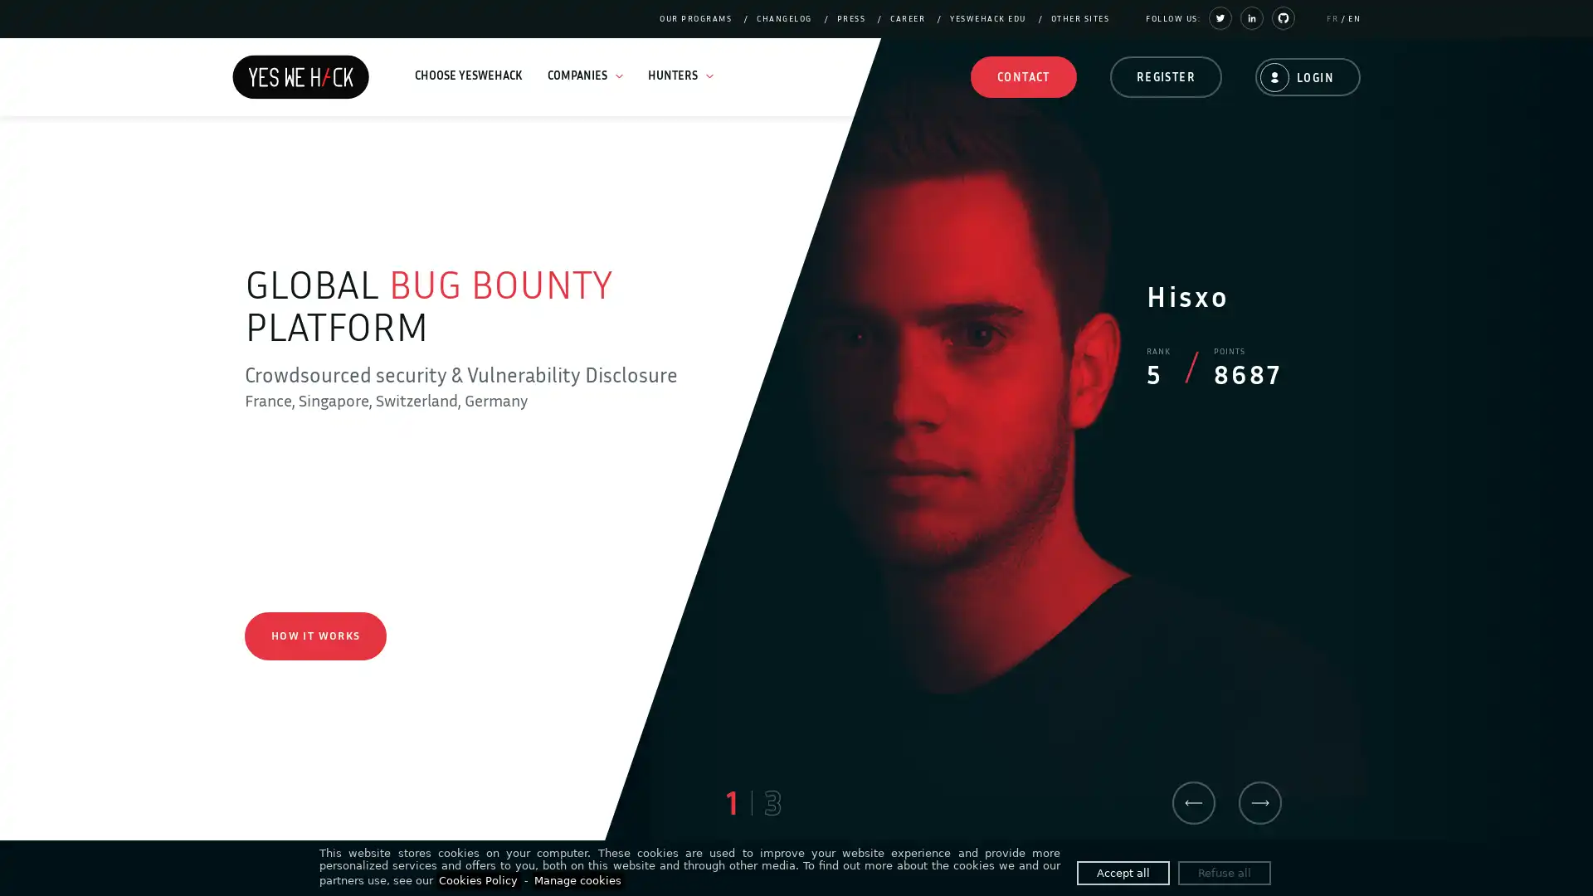 This screenshot has height=896, width=1593. What do you see at coordinates (1225, 872) in the screenshot?
I see `Refuse all` at bounding box center [1225, 872].